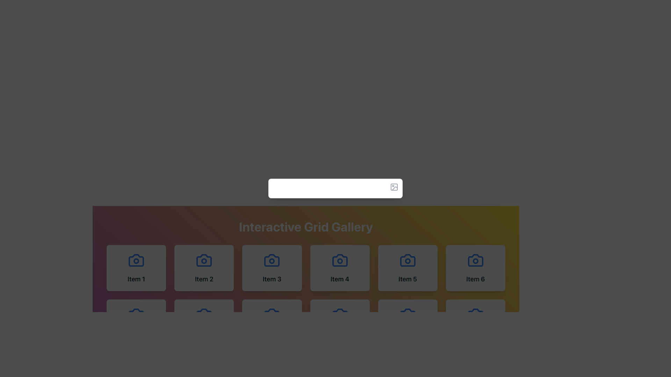 The height and width of the screenshot is (377, 671). I want to click on the circular SVG element that is part of the camera icon on the fourth item card in the grid layout, so click(340, 261).